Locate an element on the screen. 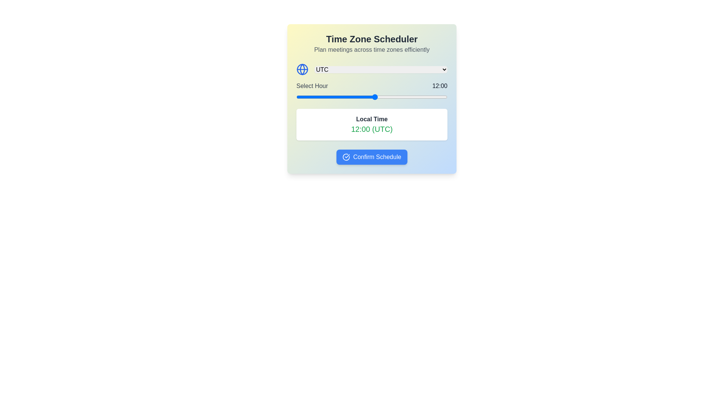  the Header text element, which serves as the title for the interface section and is positioned above the subtitle 'Plan meetings across time zones efficiently' is located at coordinates (372, 39).